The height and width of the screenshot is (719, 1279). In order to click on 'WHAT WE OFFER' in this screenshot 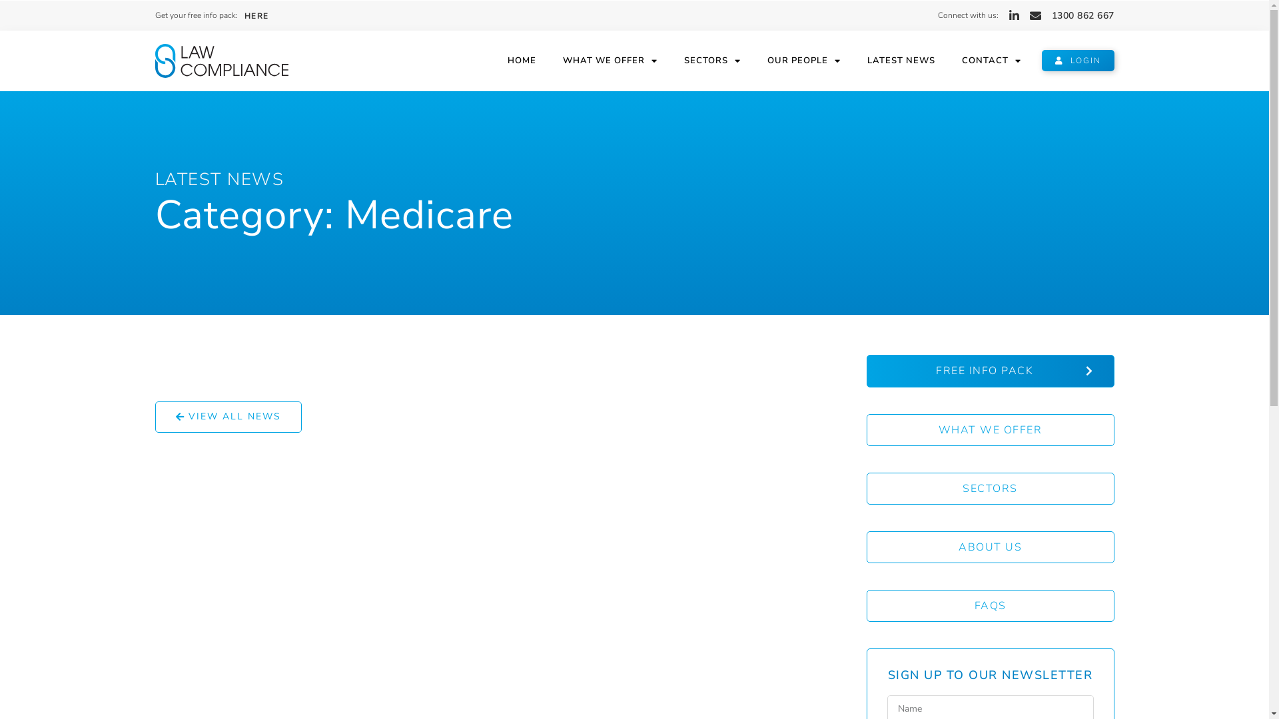, I will do `click(990, 429)`.